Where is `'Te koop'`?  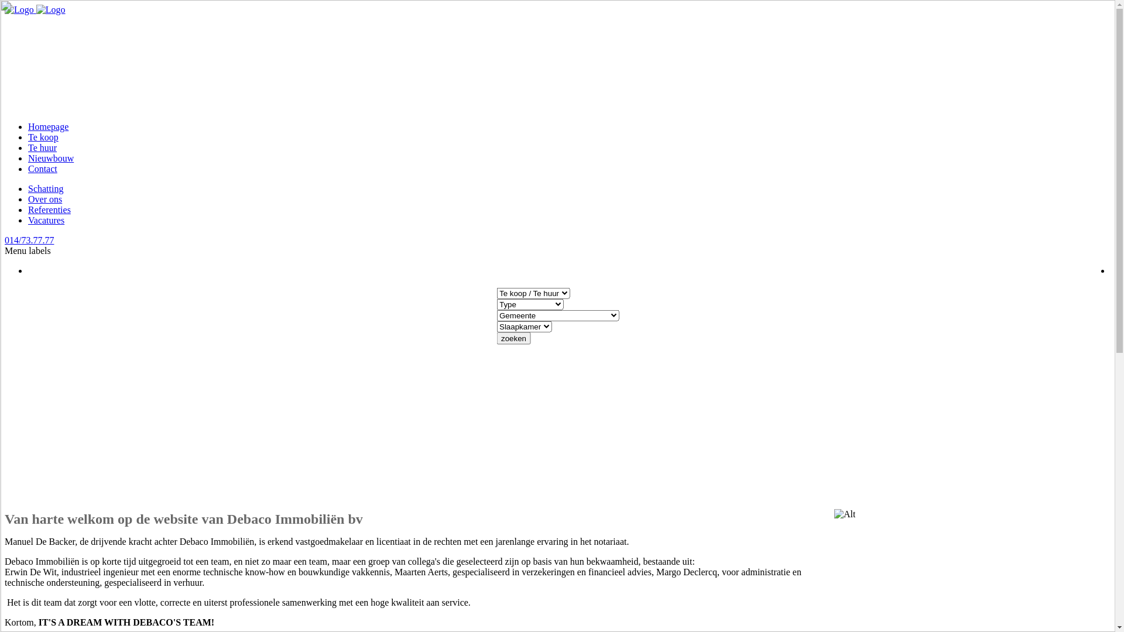 'Te koop' is located at coordinates (43, 136).